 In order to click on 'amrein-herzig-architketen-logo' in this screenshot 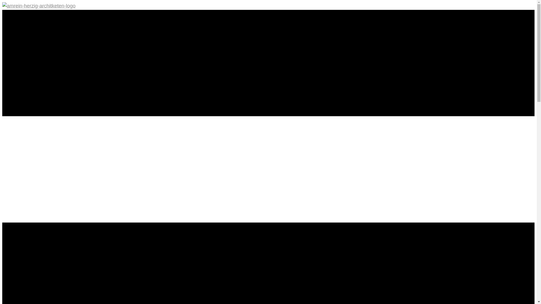, I will do `click(39, 6)`.